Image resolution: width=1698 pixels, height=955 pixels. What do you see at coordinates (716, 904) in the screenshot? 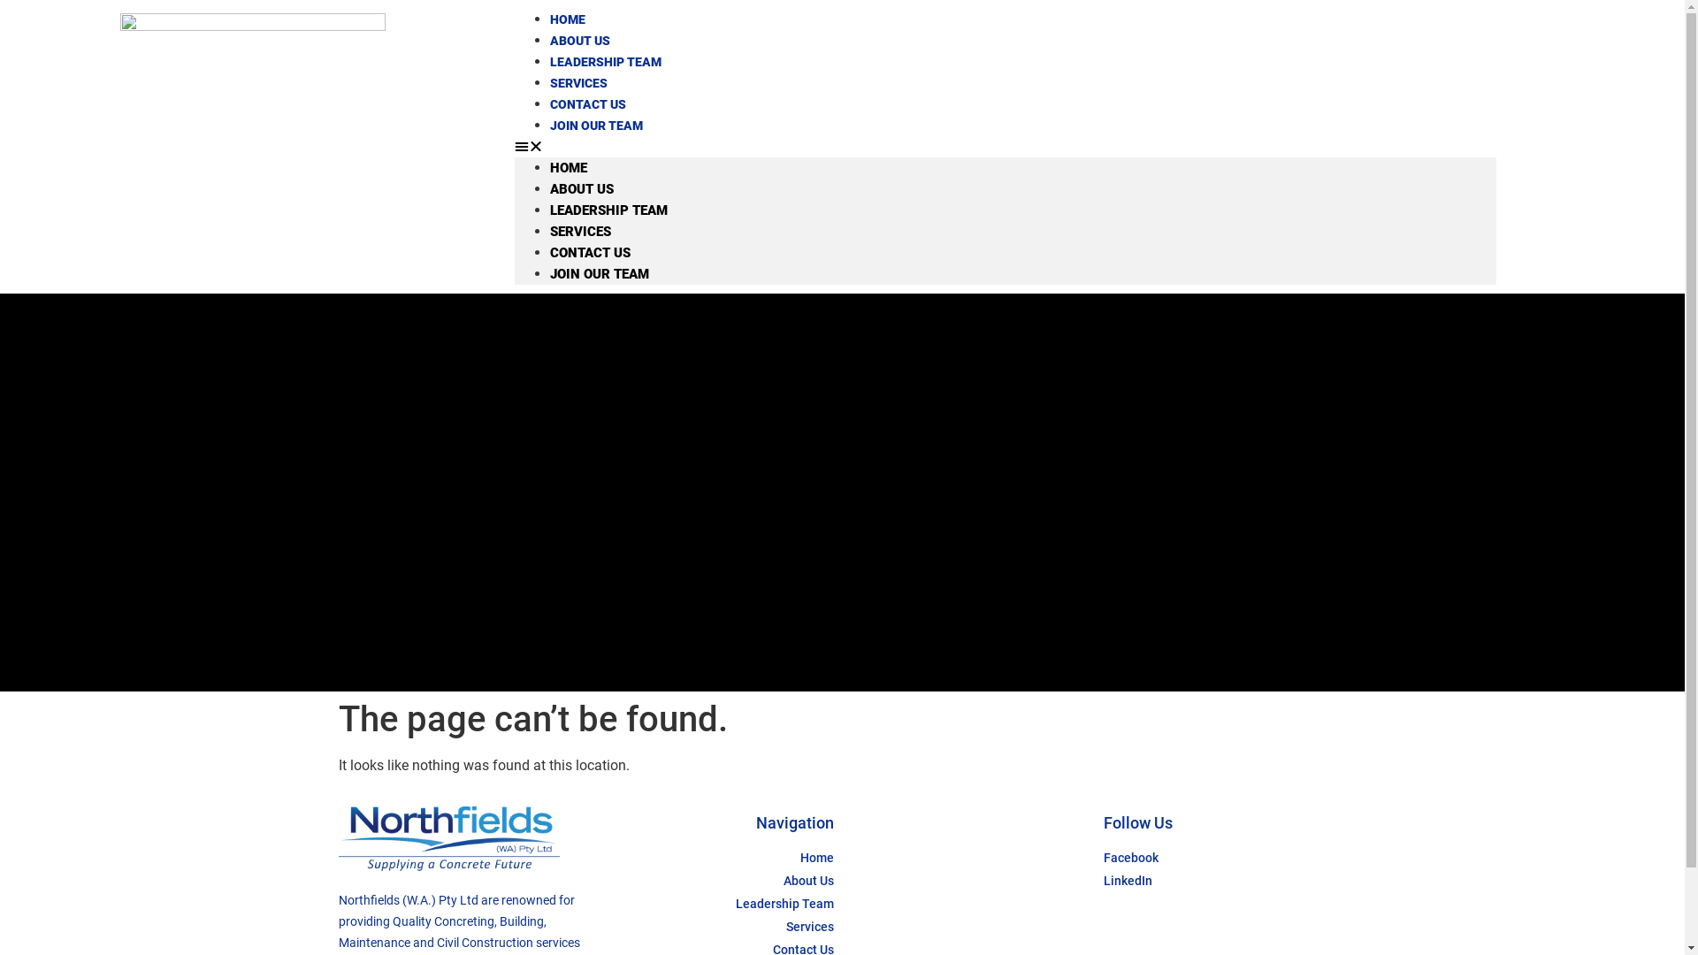
I see `'Leadership Team'` at bounding box center [716, 904].